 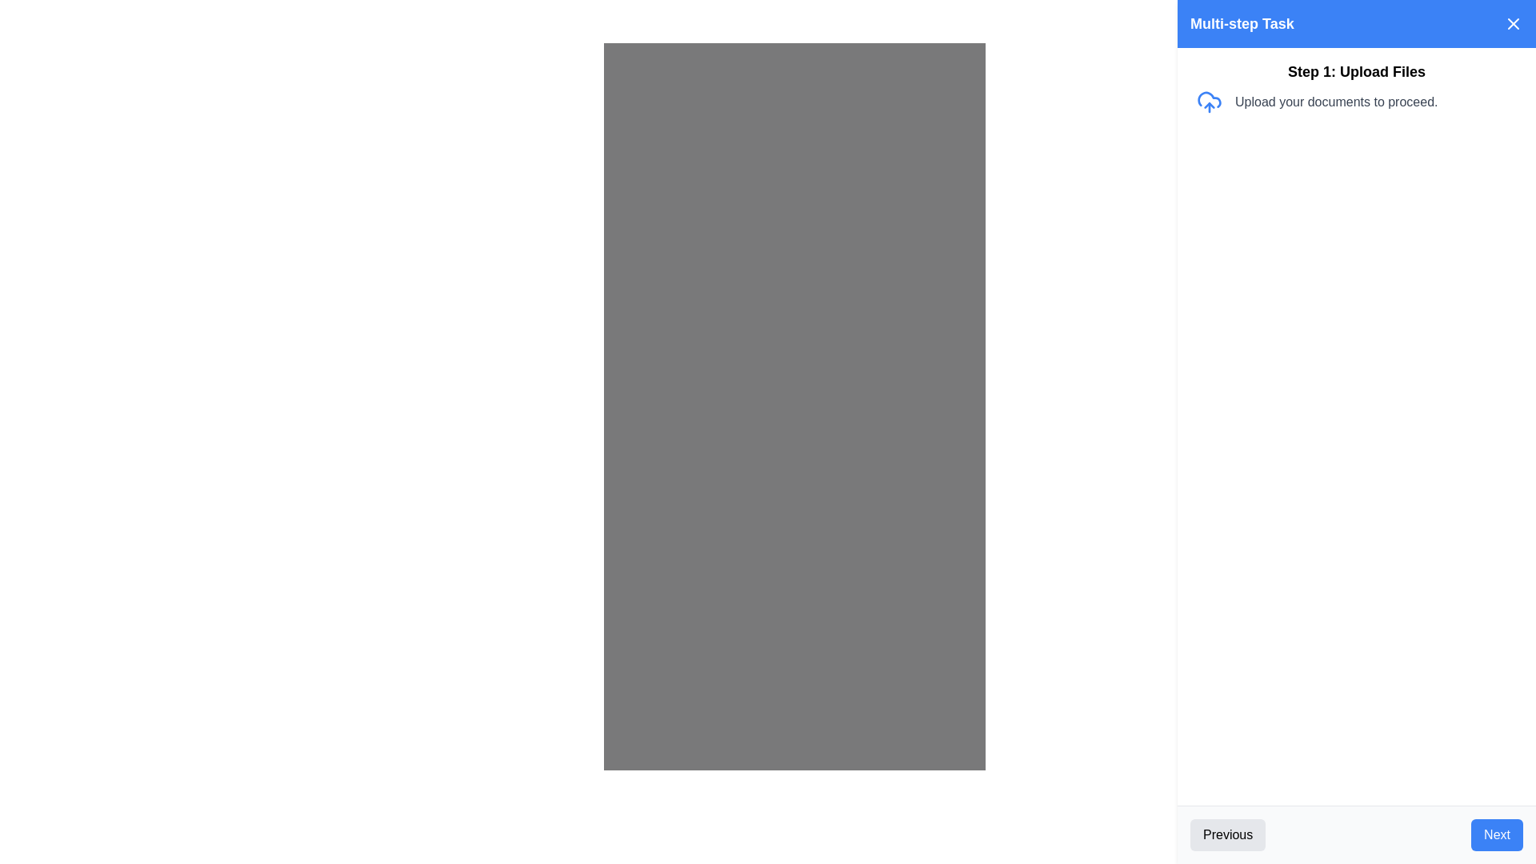 What do you see at coordinates (1512, 24) in the screenshot?
I see `the close button located at the top-right corner of the blue header section containing the text 'Multi-step Task'` at bounding box center [1512, 24].